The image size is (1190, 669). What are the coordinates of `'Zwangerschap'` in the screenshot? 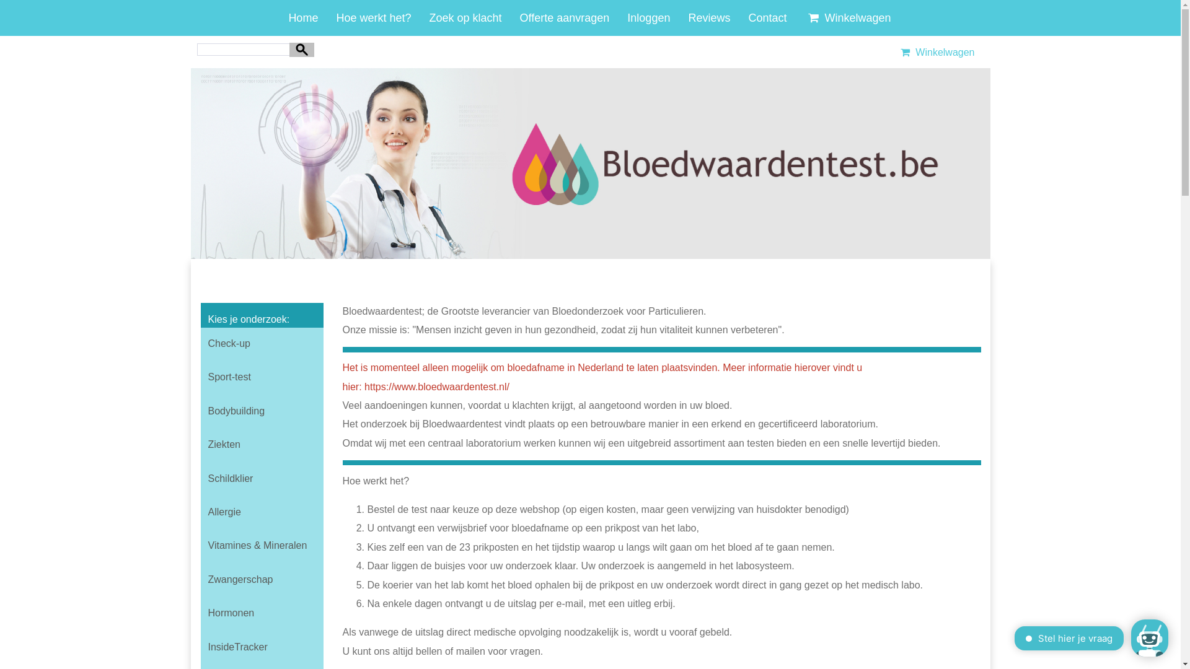 It's located at (261, 580).